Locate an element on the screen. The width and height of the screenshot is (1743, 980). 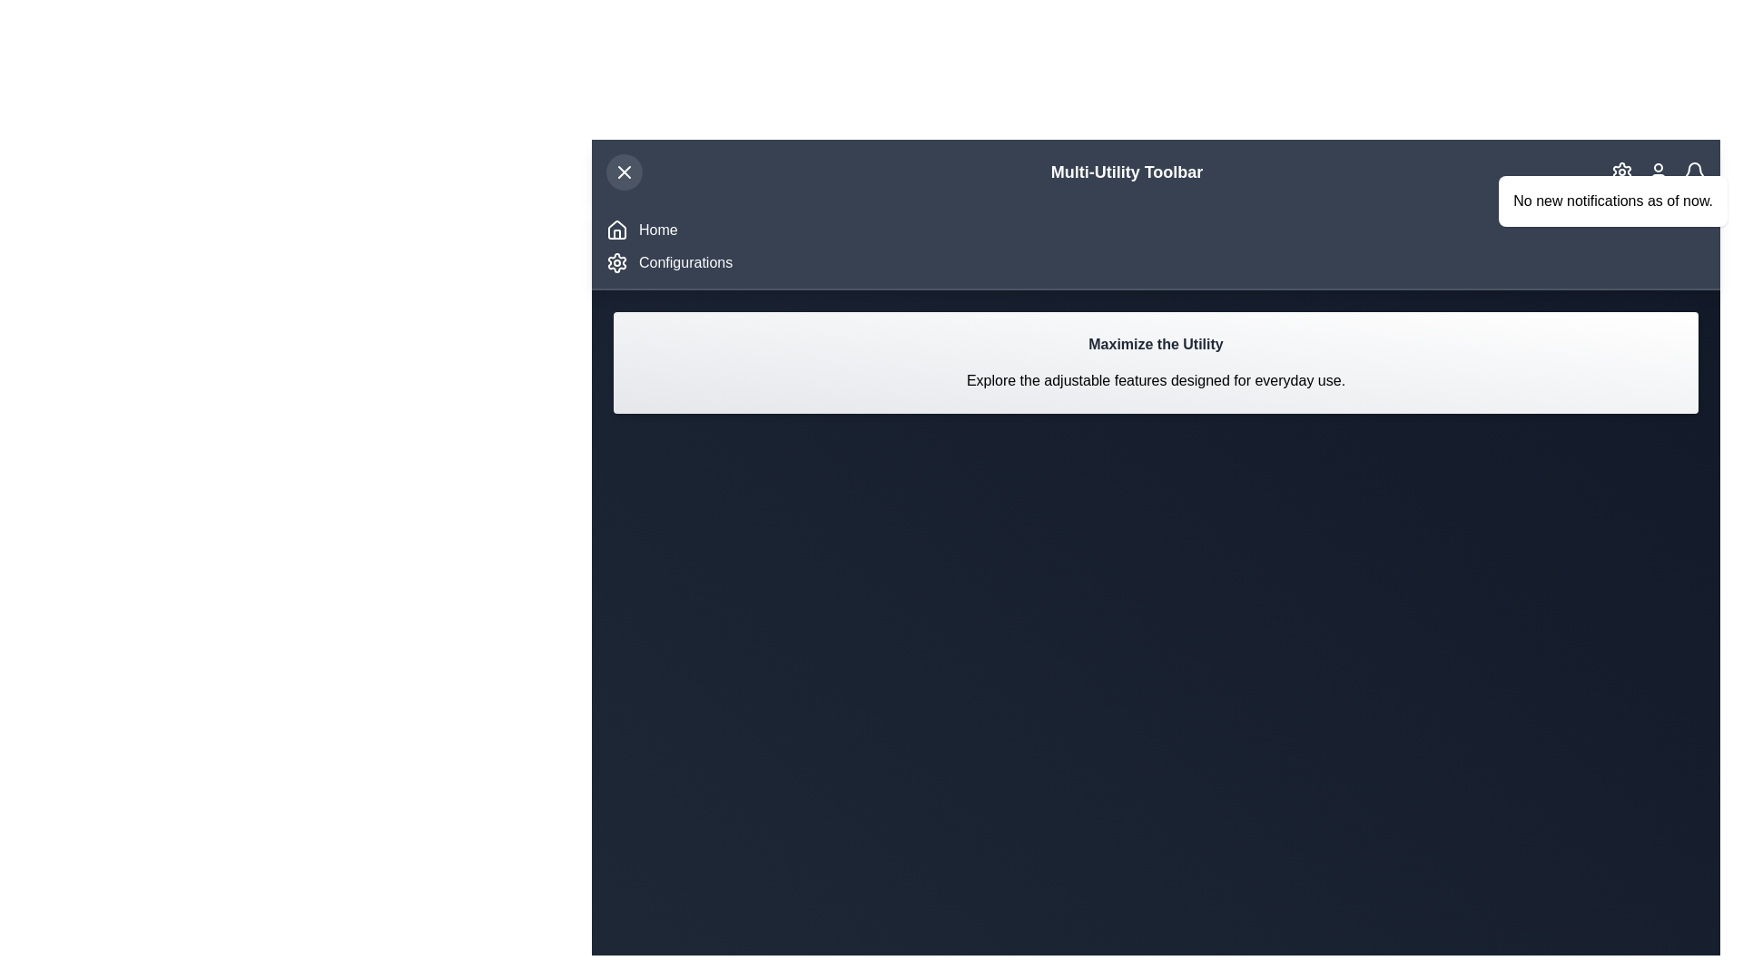
the 'Settings' icon is located at coordinates (1621, 171).